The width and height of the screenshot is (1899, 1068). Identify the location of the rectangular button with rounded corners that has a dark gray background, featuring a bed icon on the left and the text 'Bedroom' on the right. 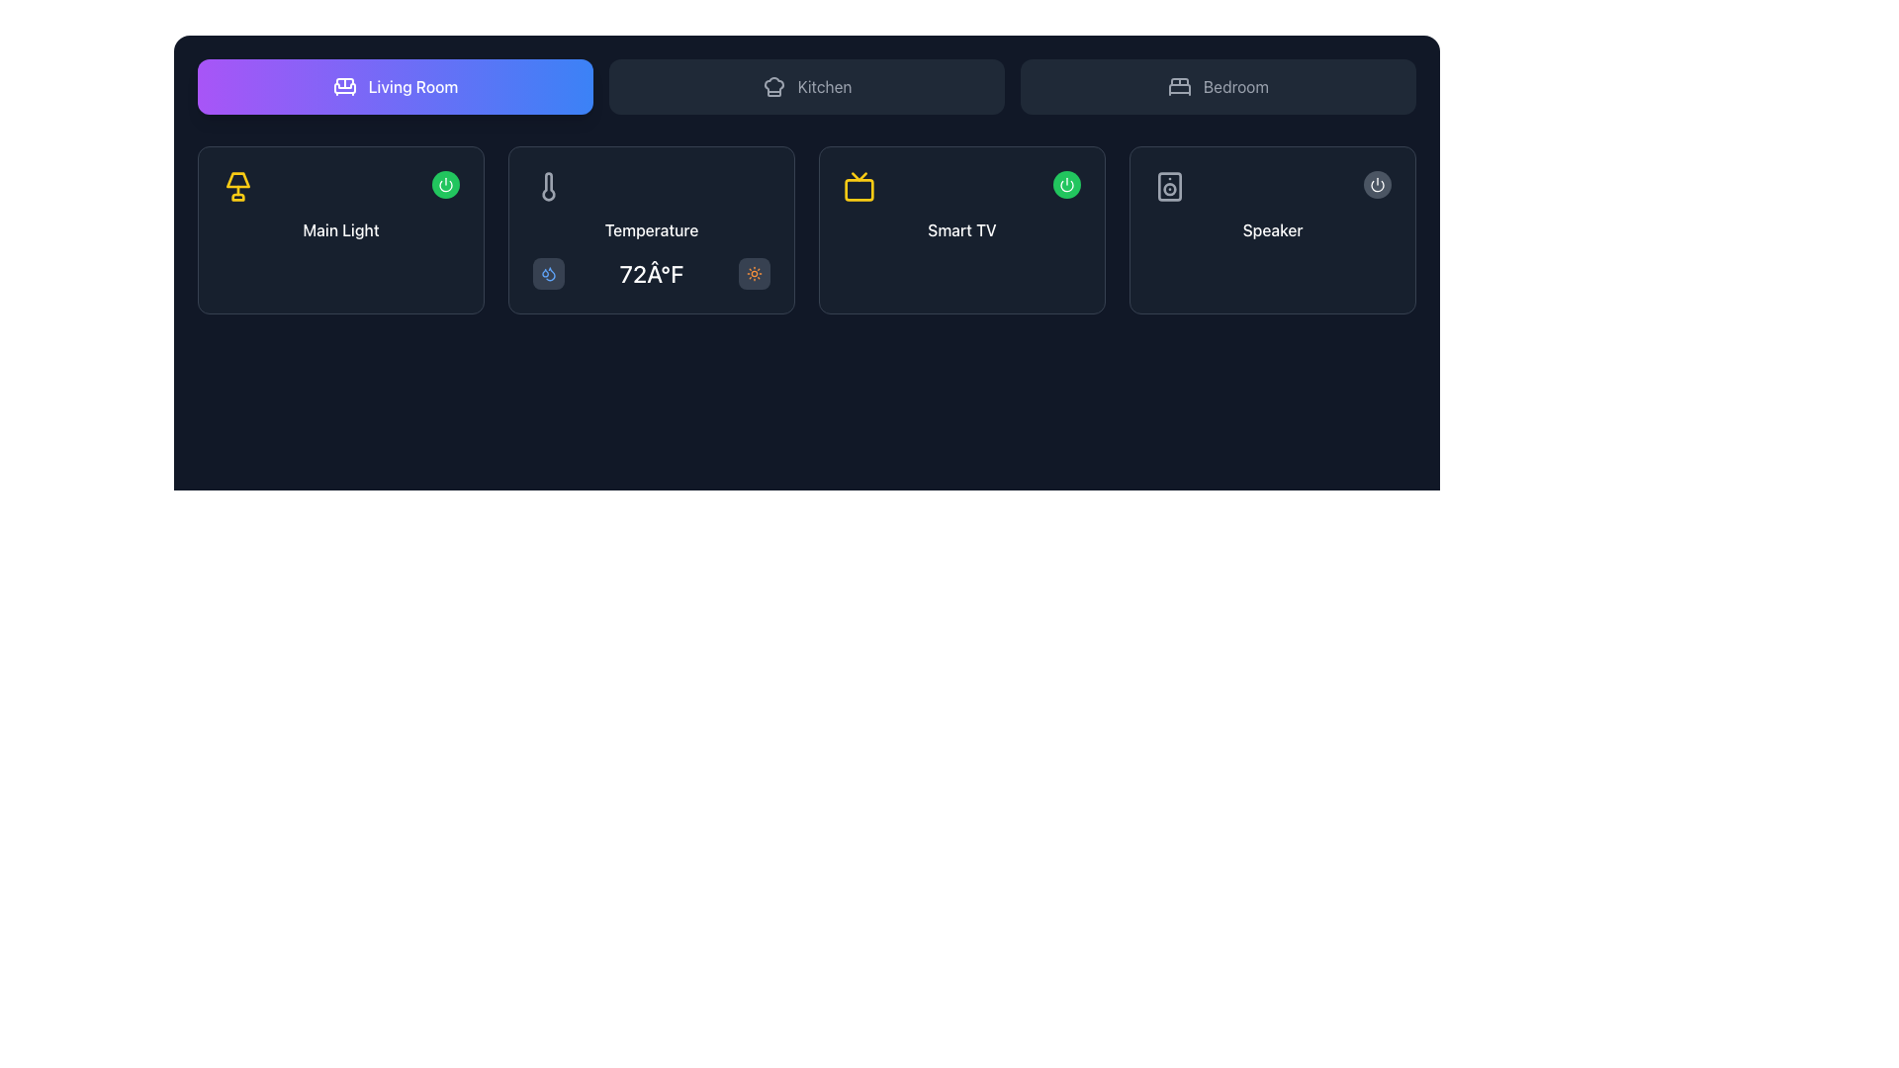
(1218, 86).